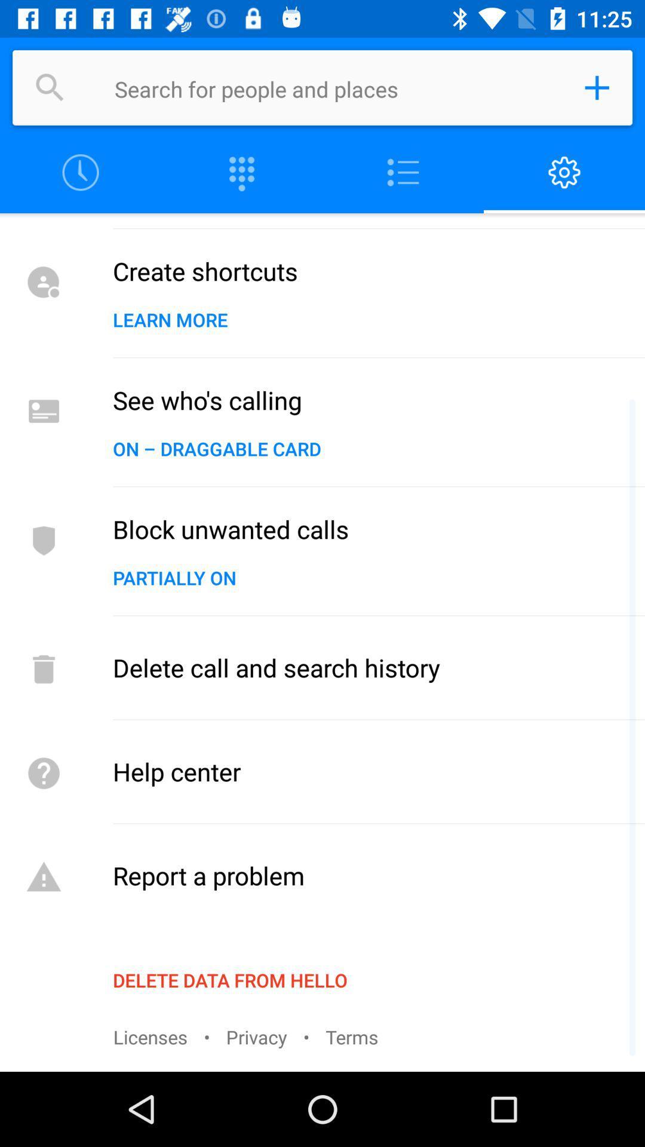  I want to click on item above the licenses, so click(230, 980).